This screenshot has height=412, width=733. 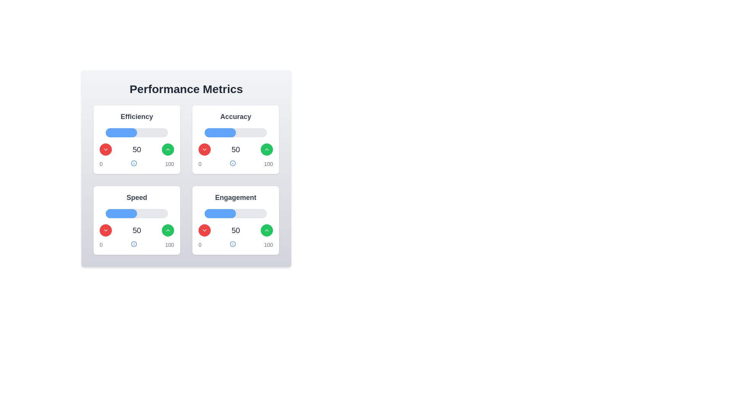 I want to click on the efficiency value, so click(x=148, y=132).